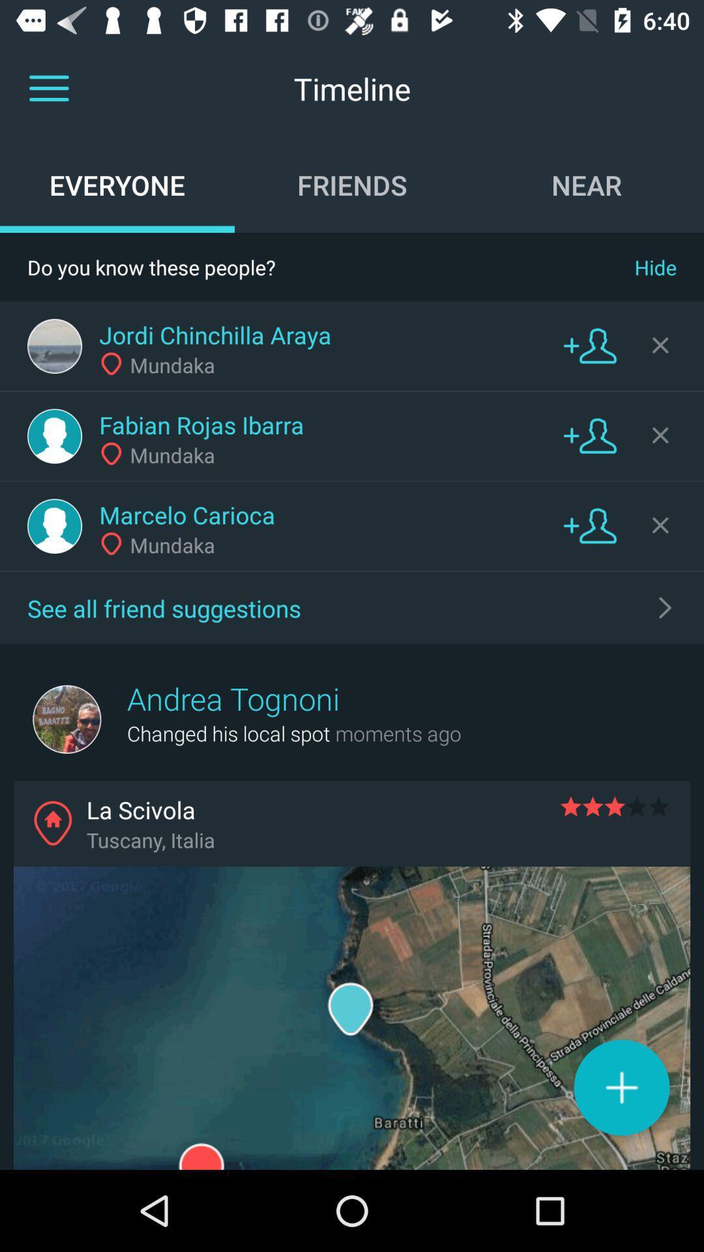 Image resolution: width=704 pixels, height=1252 pixels. Describe the element at coordinates (48, 88) in the screenshot. I see `menu bar` at that location.